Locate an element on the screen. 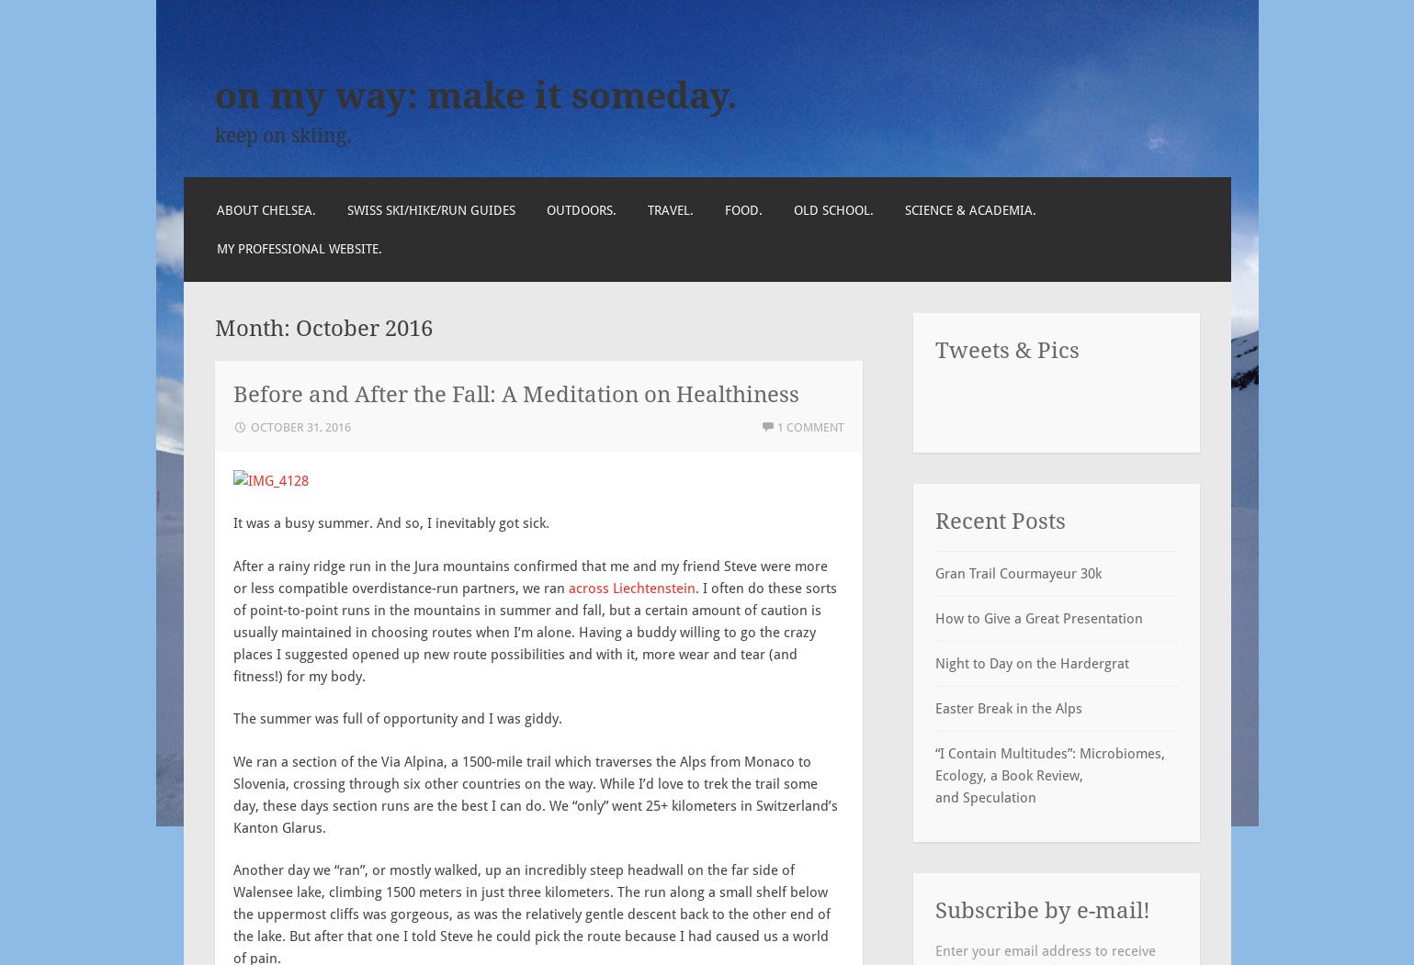  'my professional website.' is located at coordinates (299, 248).